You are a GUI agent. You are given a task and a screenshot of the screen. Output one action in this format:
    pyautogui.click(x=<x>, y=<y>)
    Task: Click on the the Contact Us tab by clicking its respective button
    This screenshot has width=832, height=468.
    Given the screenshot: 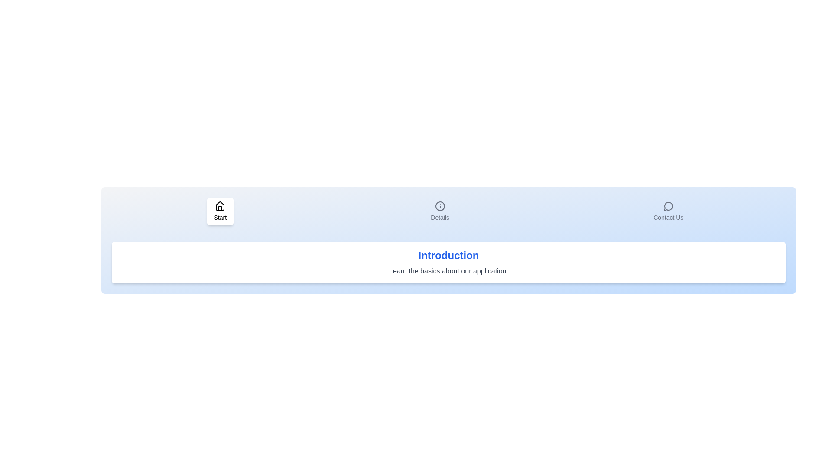 What is the action you would take?
    pyautogui.click(x=667, y=211)
    